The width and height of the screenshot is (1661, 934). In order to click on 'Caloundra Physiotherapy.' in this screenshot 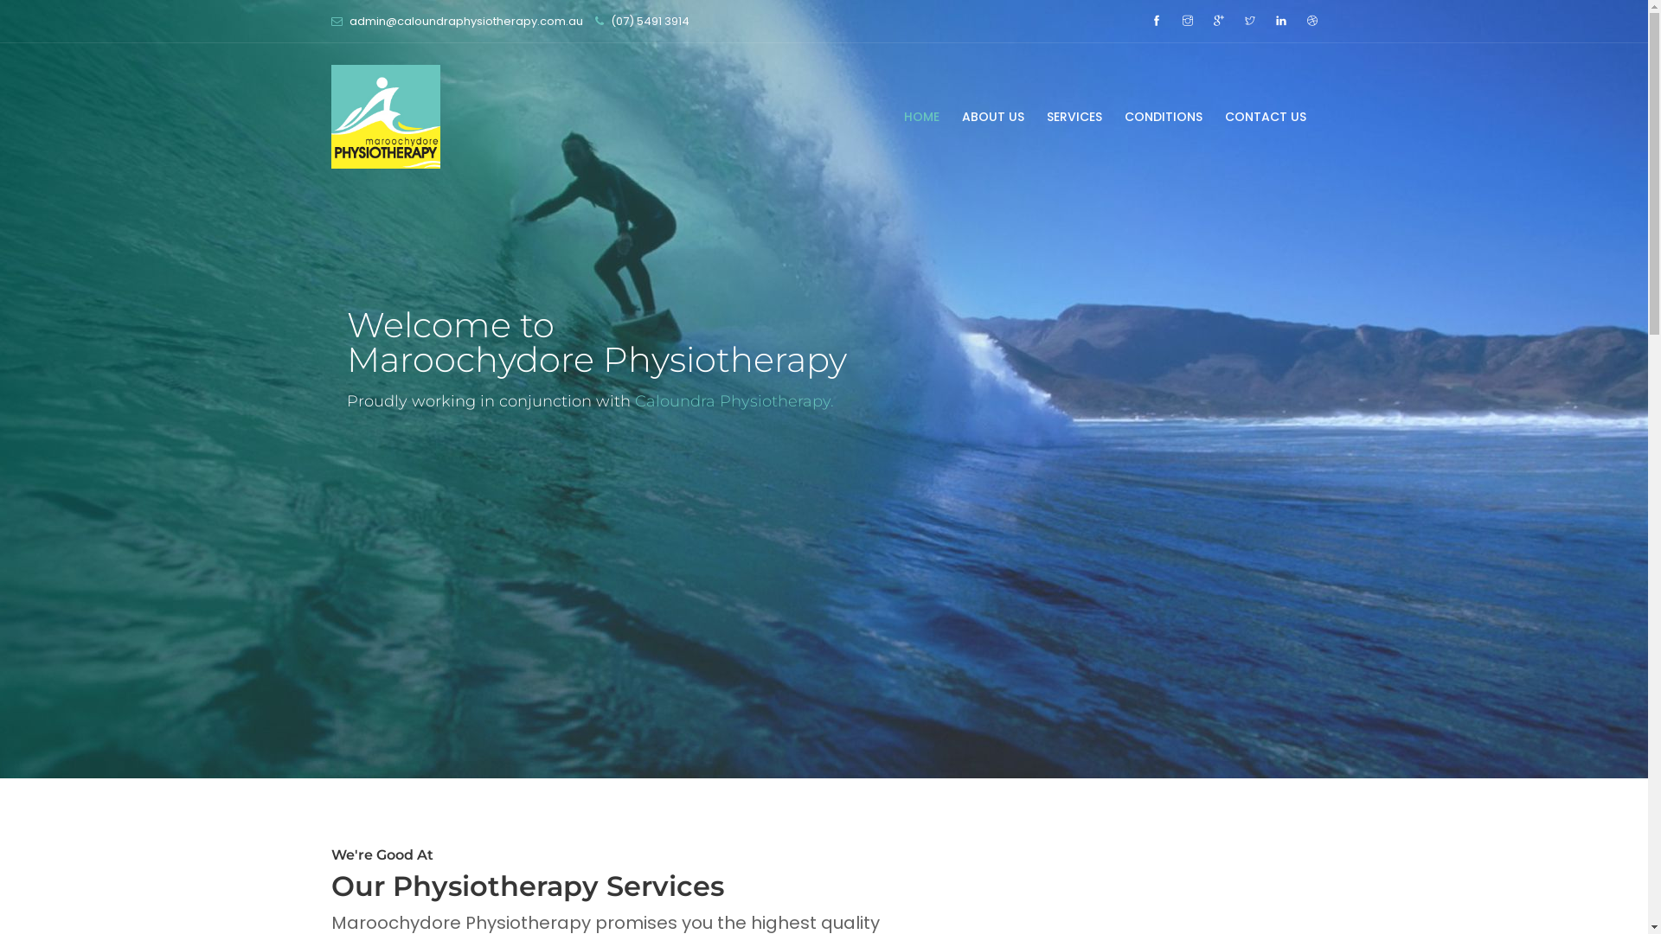, I will do `click(734, 386)`.